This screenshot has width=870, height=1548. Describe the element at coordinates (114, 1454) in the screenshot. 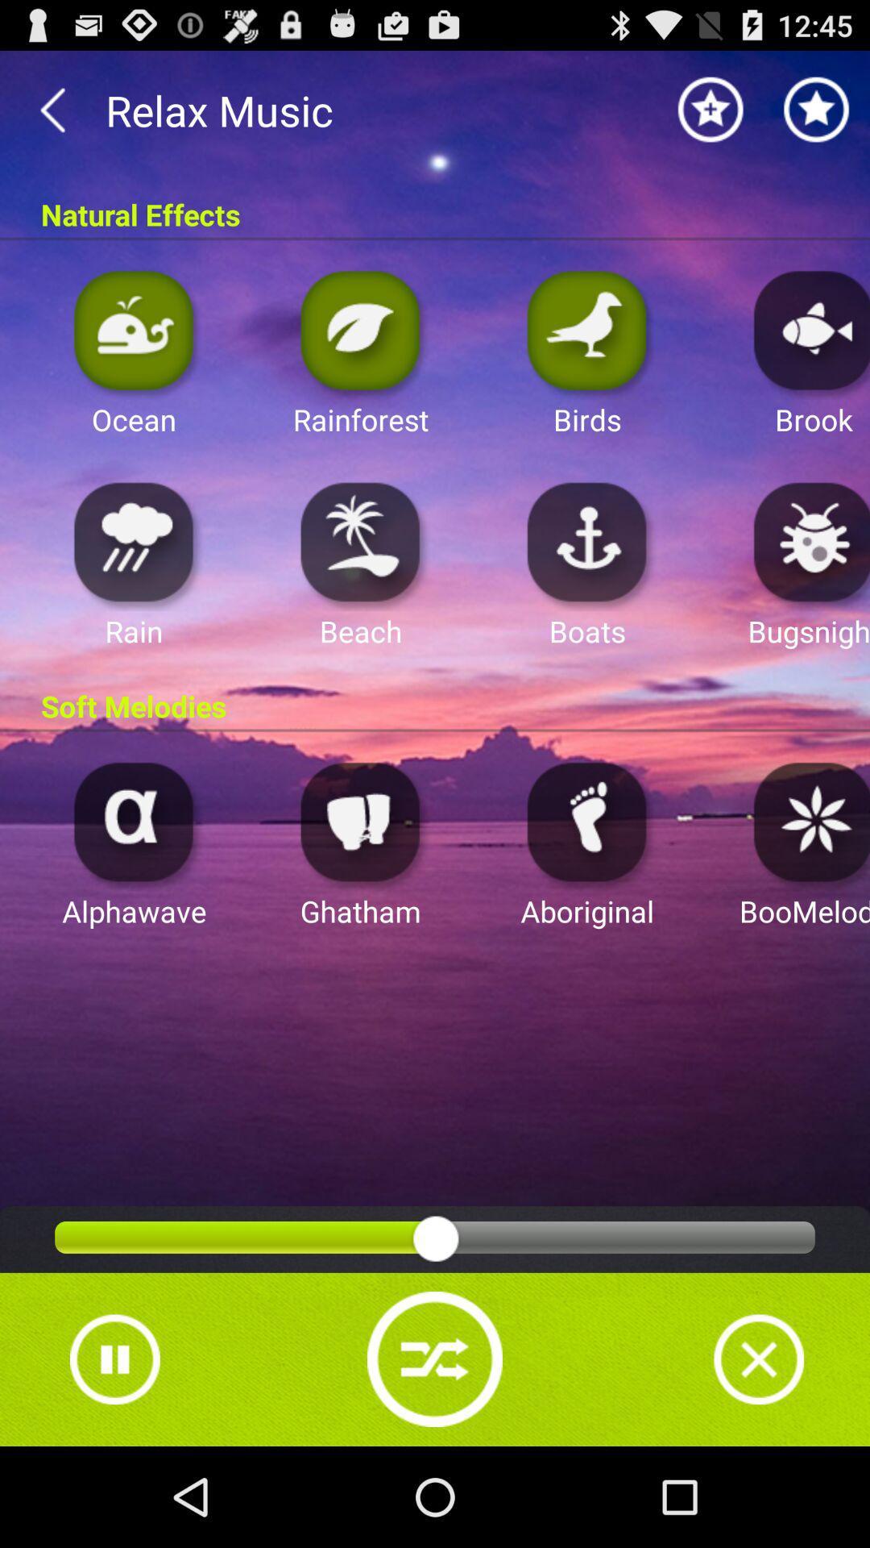

I see `the pause icon` at that location.